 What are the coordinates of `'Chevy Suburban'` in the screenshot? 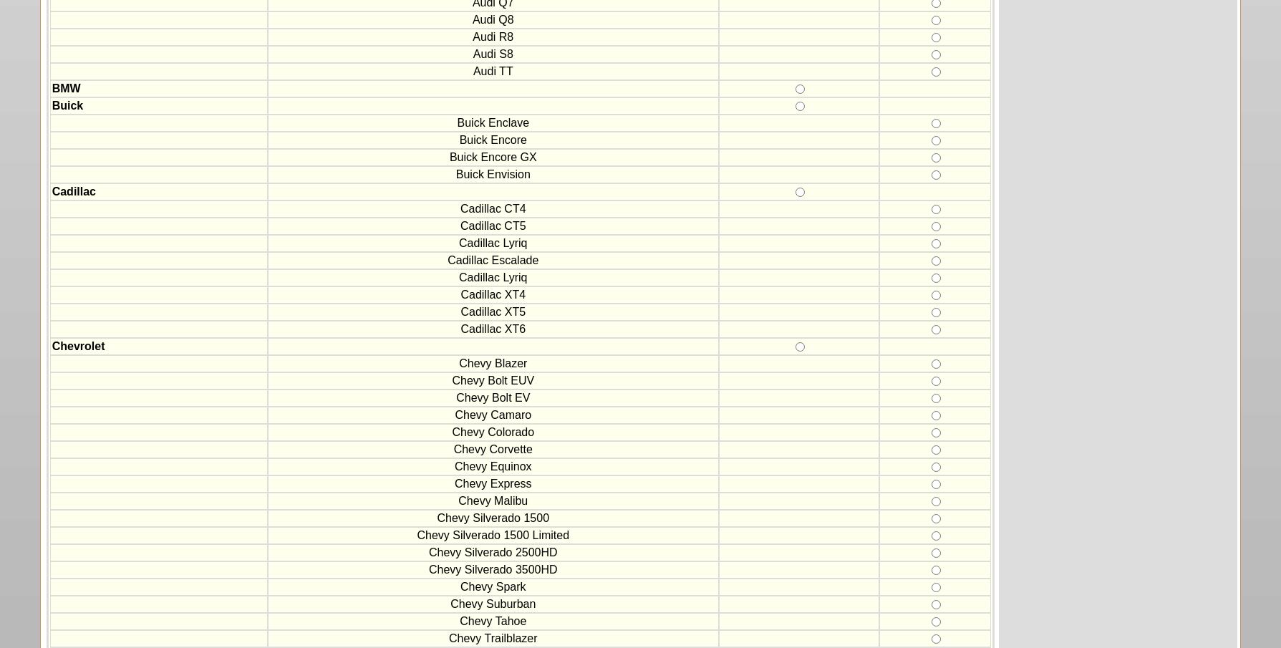 It's located at (450, 603).